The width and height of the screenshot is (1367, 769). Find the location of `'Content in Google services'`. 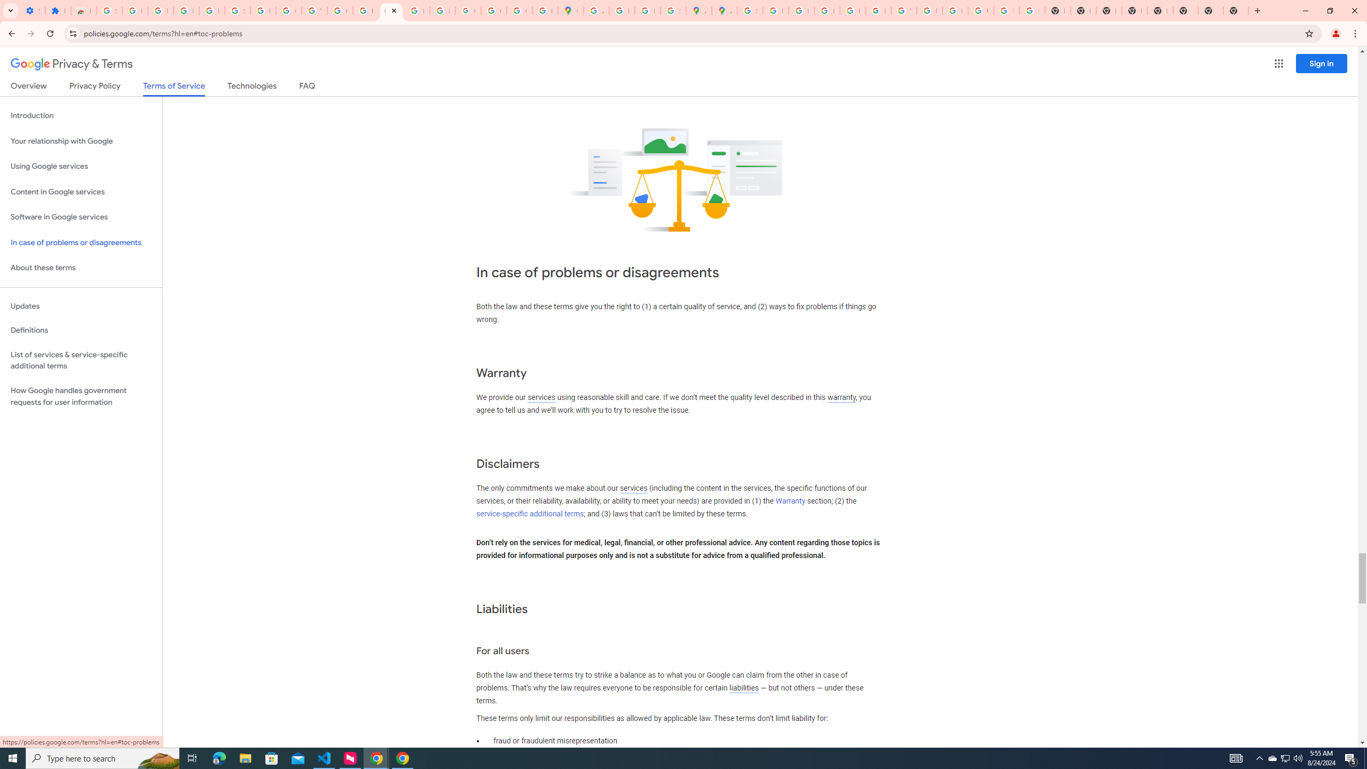

'Content in Google services' is located at coordinates (81, 192).